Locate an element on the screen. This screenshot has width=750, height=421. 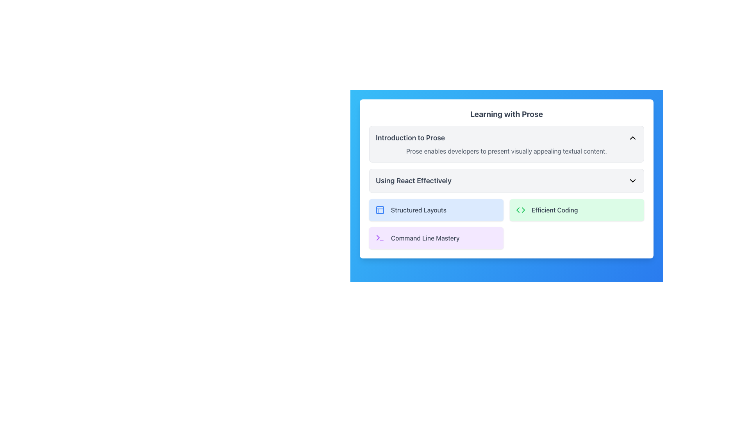
the text label displaying 'Structured Layouts' is located at coordinates (418, 210).